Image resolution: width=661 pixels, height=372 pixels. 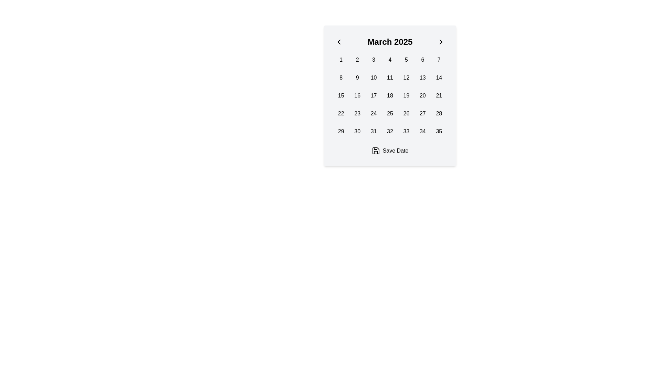 I want to click on the rounded rectangular button with the text '30', so click(x=357, y=131).